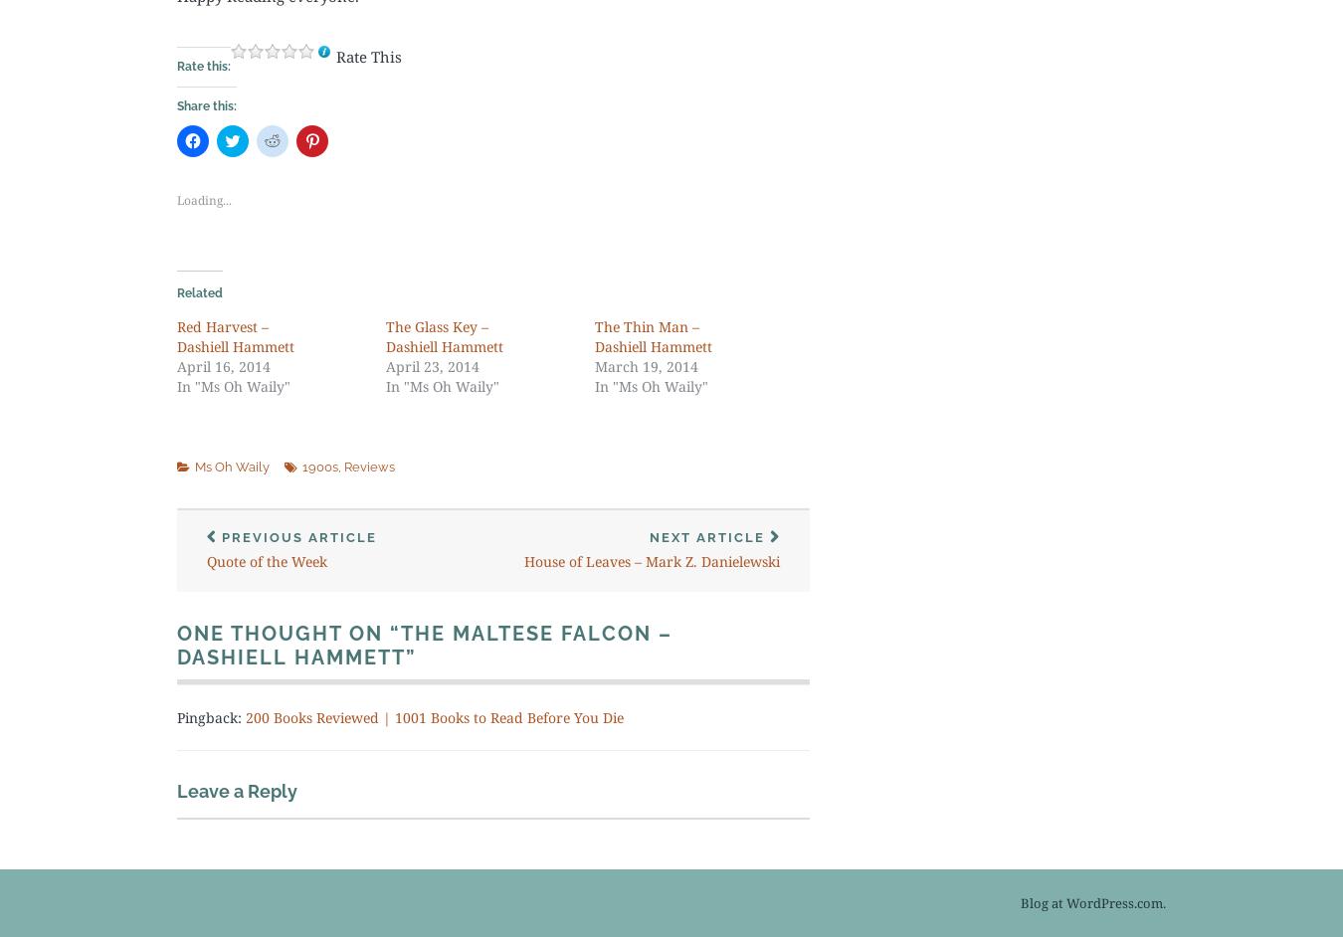  What do you see at coordinates (211, 715) in the screenshot?
I see `'Pingback:'` at bounding box center [211, 715].